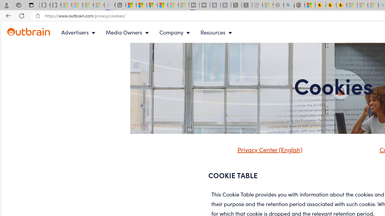  Describe the element at coordinates (217, 32) in the screenshot. I see `'Resources'` at that location.